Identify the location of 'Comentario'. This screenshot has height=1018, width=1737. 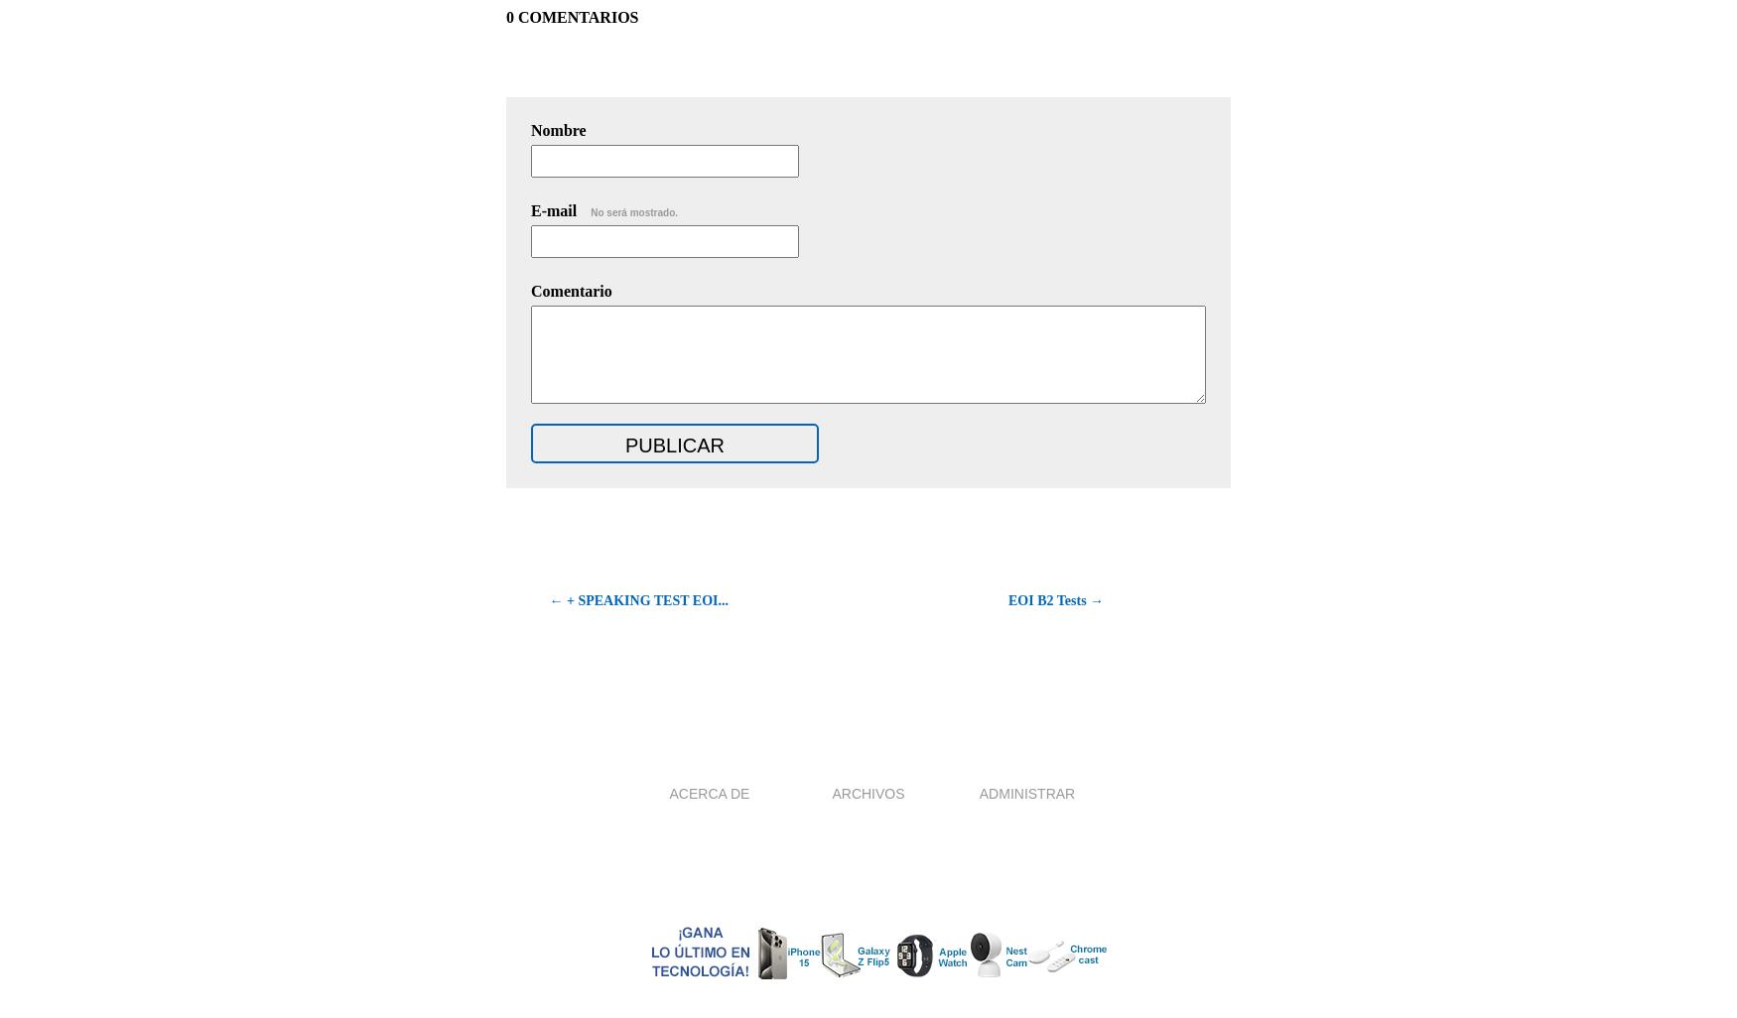
(571, 290).